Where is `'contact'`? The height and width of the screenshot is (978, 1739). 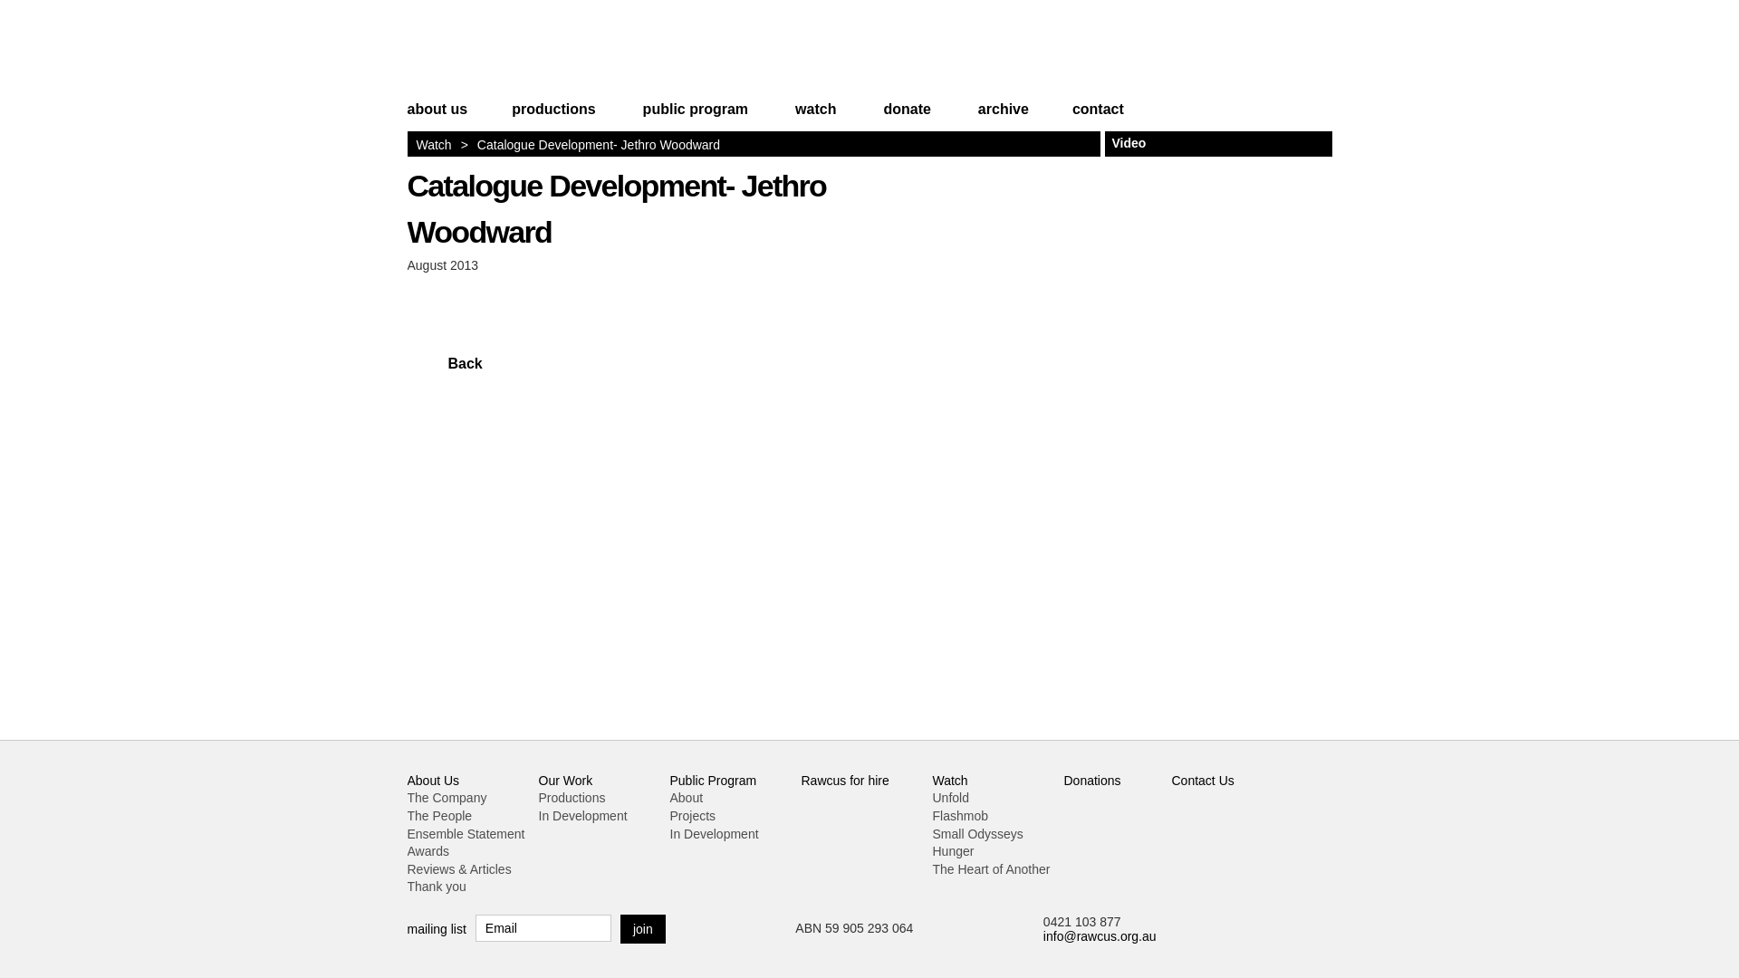
'contact' is located at coordinates (1087, 117).